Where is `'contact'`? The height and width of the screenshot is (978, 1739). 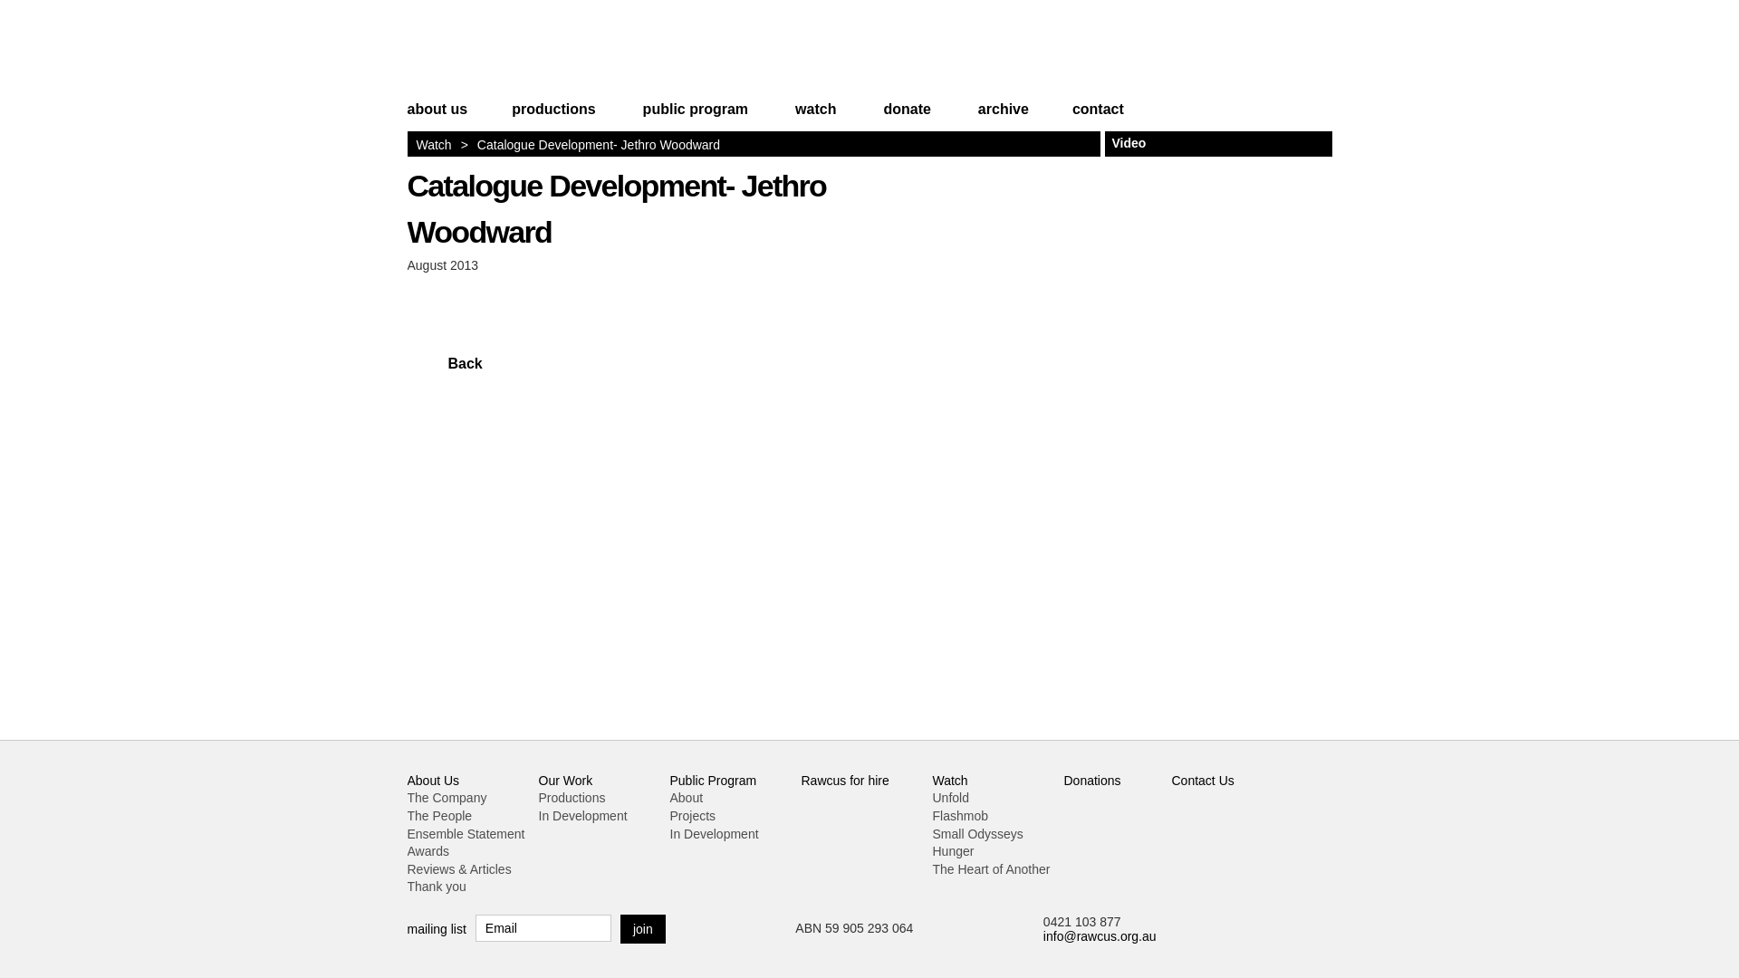
'contact' is located at coordinates (1087, 117).